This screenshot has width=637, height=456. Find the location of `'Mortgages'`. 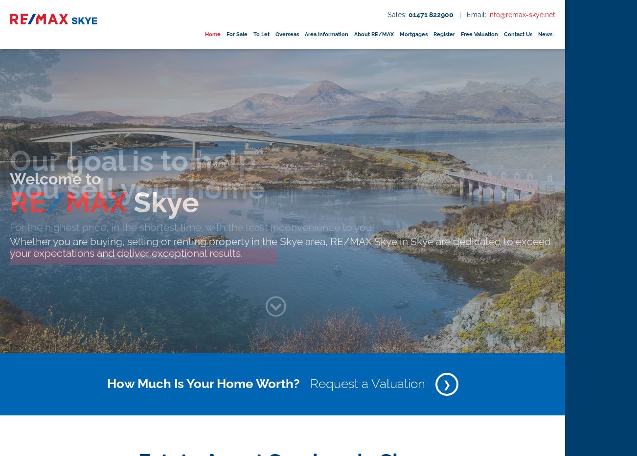

'Mortgages' is located at coordinates (412, 34).